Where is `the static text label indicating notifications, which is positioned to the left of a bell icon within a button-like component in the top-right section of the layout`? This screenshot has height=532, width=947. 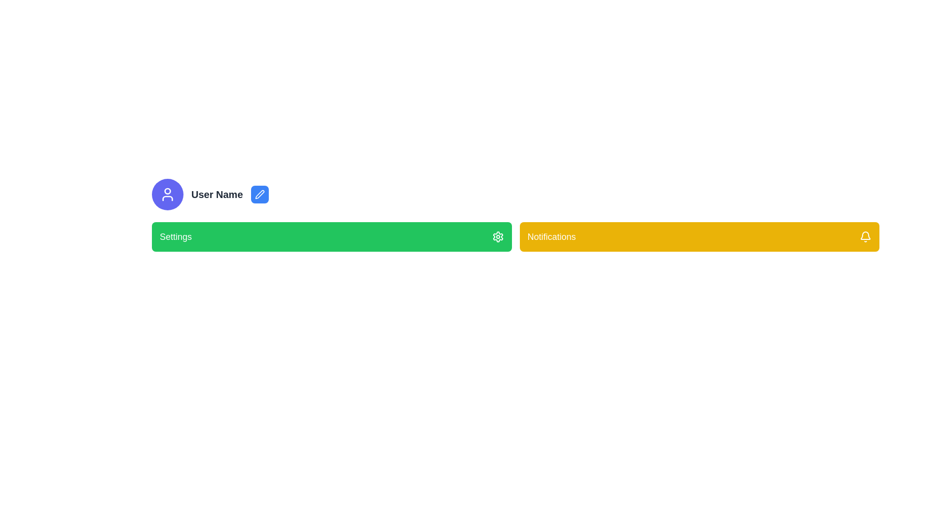 the static text label indicating notifications, which is positioned to the left of a bell icon within a button-like component in the top-right section of the layout is located at coordinates (551, 237).